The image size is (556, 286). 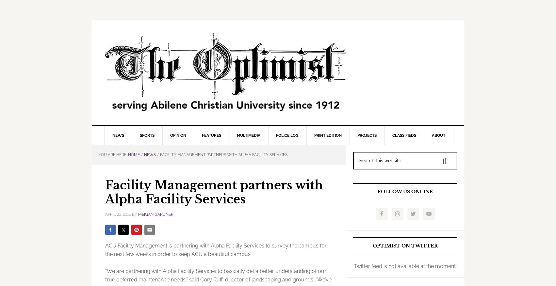 I want to click on 'Sports', so click(x=146, y=135).